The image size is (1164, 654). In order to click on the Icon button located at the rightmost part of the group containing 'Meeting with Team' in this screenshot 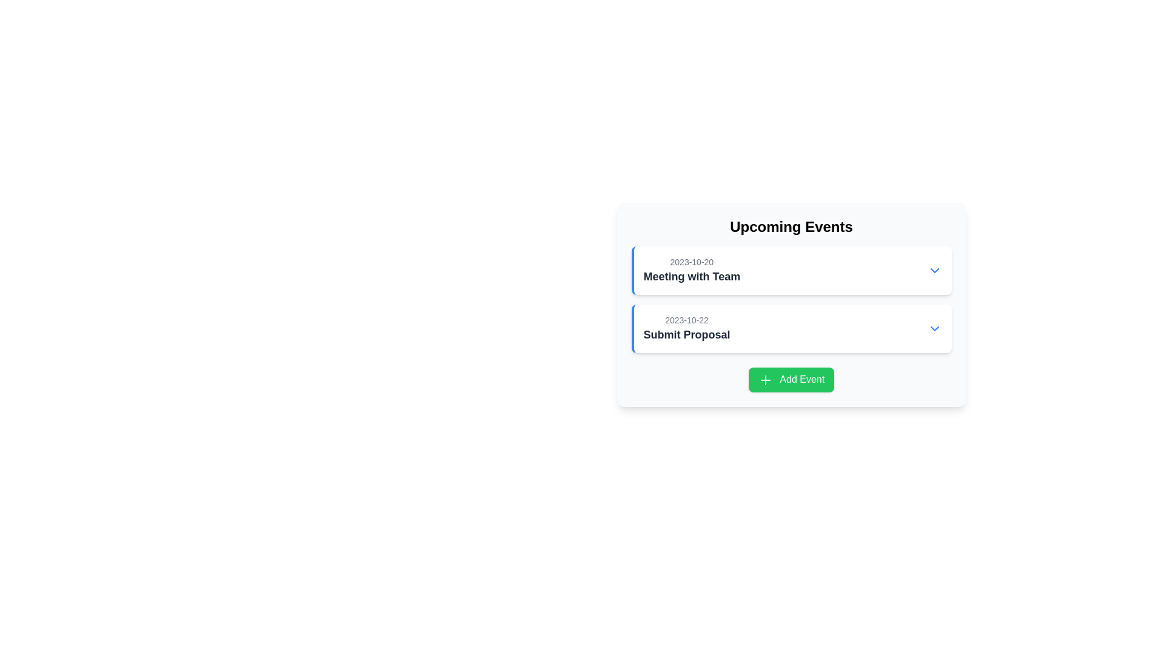, I will do `click(934, 270)`.